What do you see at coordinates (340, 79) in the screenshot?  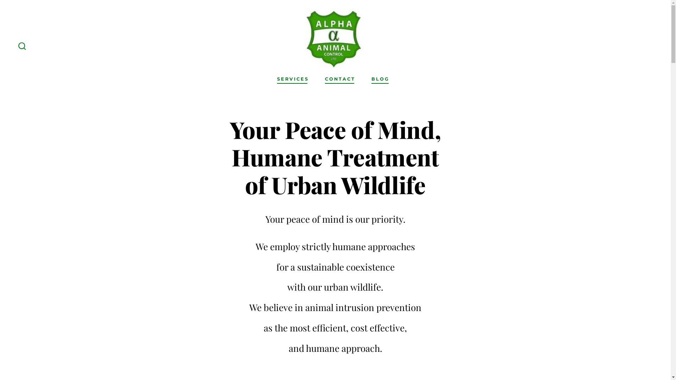 I see `'CONTACT'` at bounding box center [340, 79].